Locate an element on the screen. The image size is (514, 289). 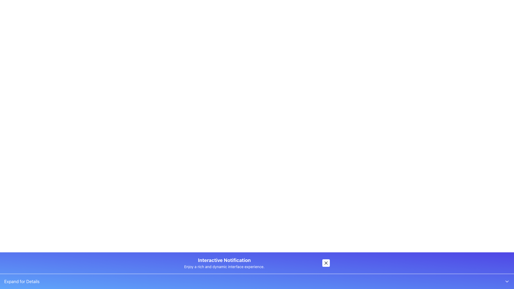
the small square button with rounded corners that has a black 'X' icon in the center is located at coordinates (326, 263).